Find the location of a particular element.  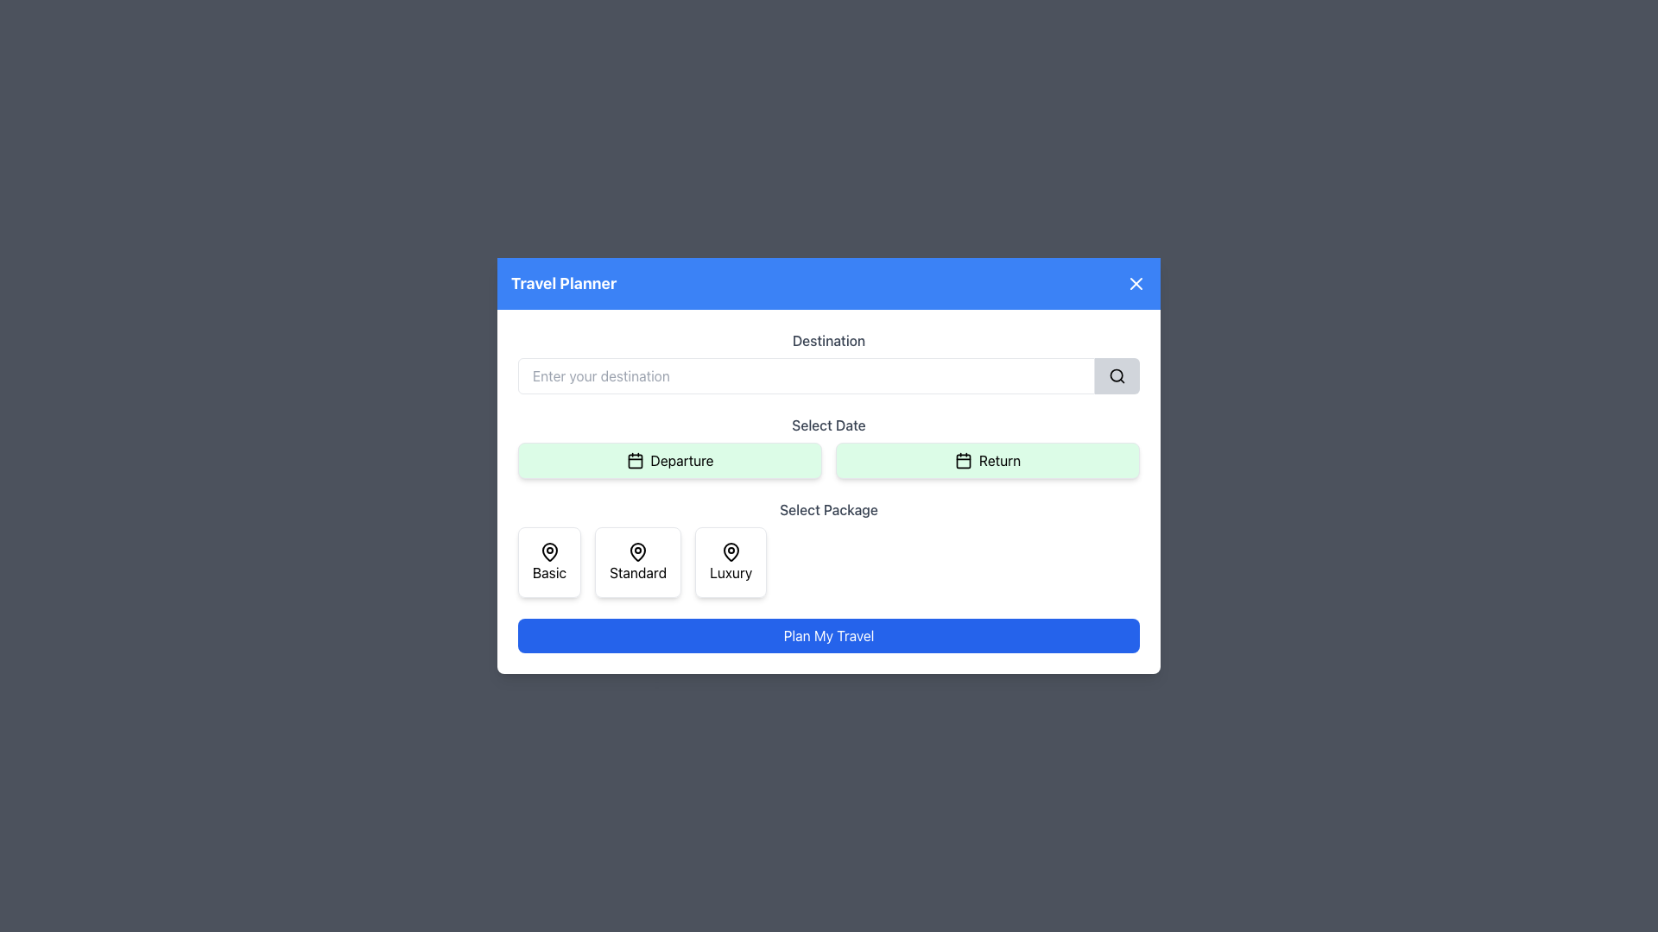

the 'Standard' package selection button located in the center of the three-button group under the 'Select Package' section is located at coordinates (637, 562).